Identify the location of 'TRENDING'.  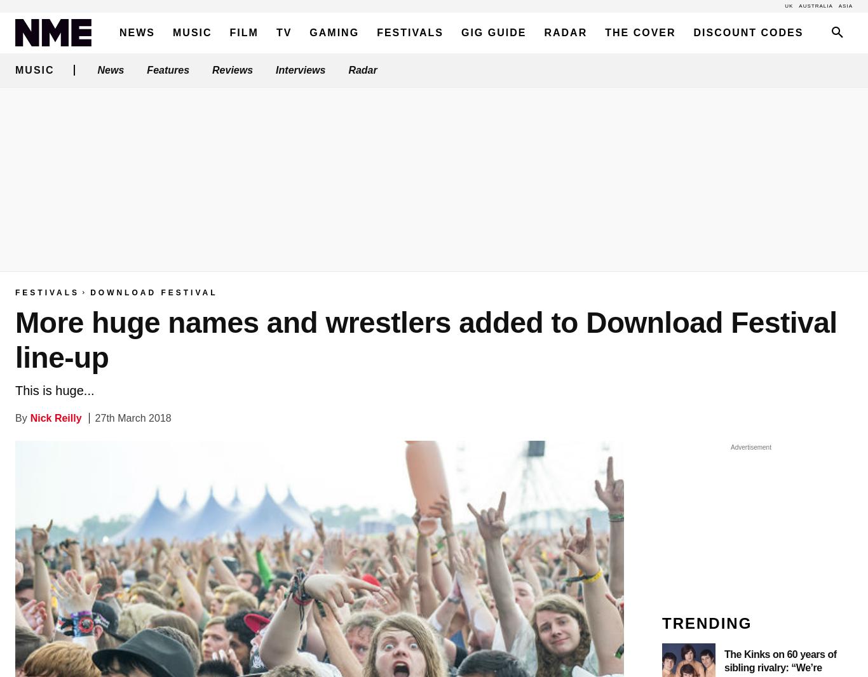
(706, 623).